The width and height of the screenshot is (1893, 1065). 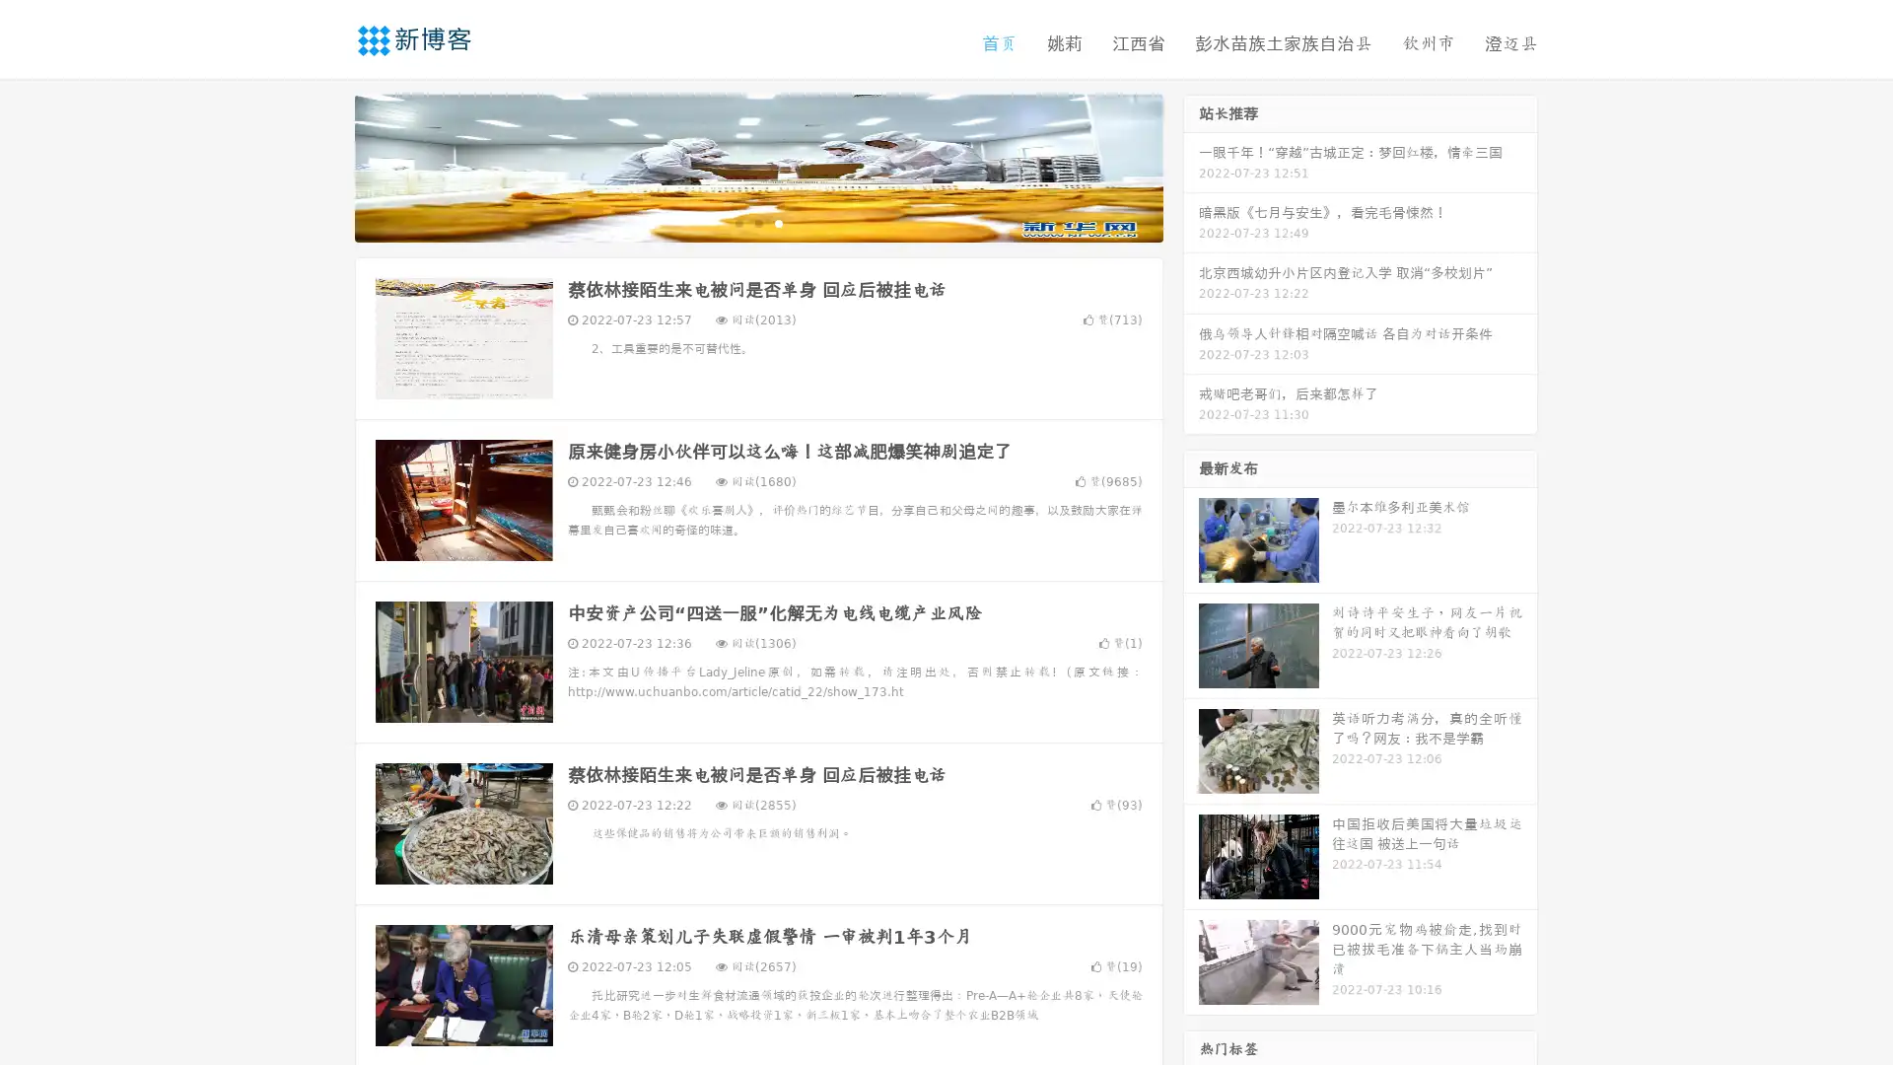 I want to click on Next slide, so click(x=1191, y=166).